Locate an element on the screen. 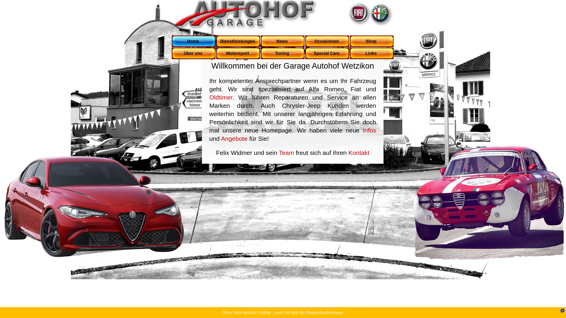  'Motorsport' is located at coordinates (238, 53).